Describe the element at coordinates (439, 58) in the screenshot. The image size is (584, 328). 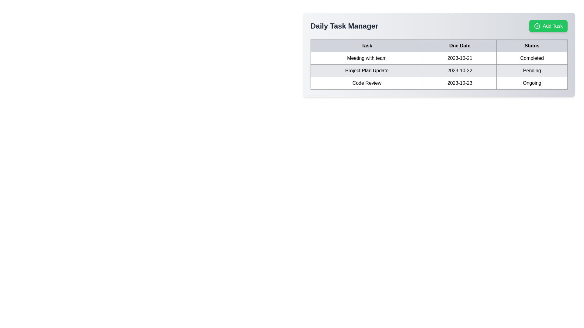
I see `the first table row displaying 'Meeting with team', '2023-10-21', and 'Completed'` at that location.